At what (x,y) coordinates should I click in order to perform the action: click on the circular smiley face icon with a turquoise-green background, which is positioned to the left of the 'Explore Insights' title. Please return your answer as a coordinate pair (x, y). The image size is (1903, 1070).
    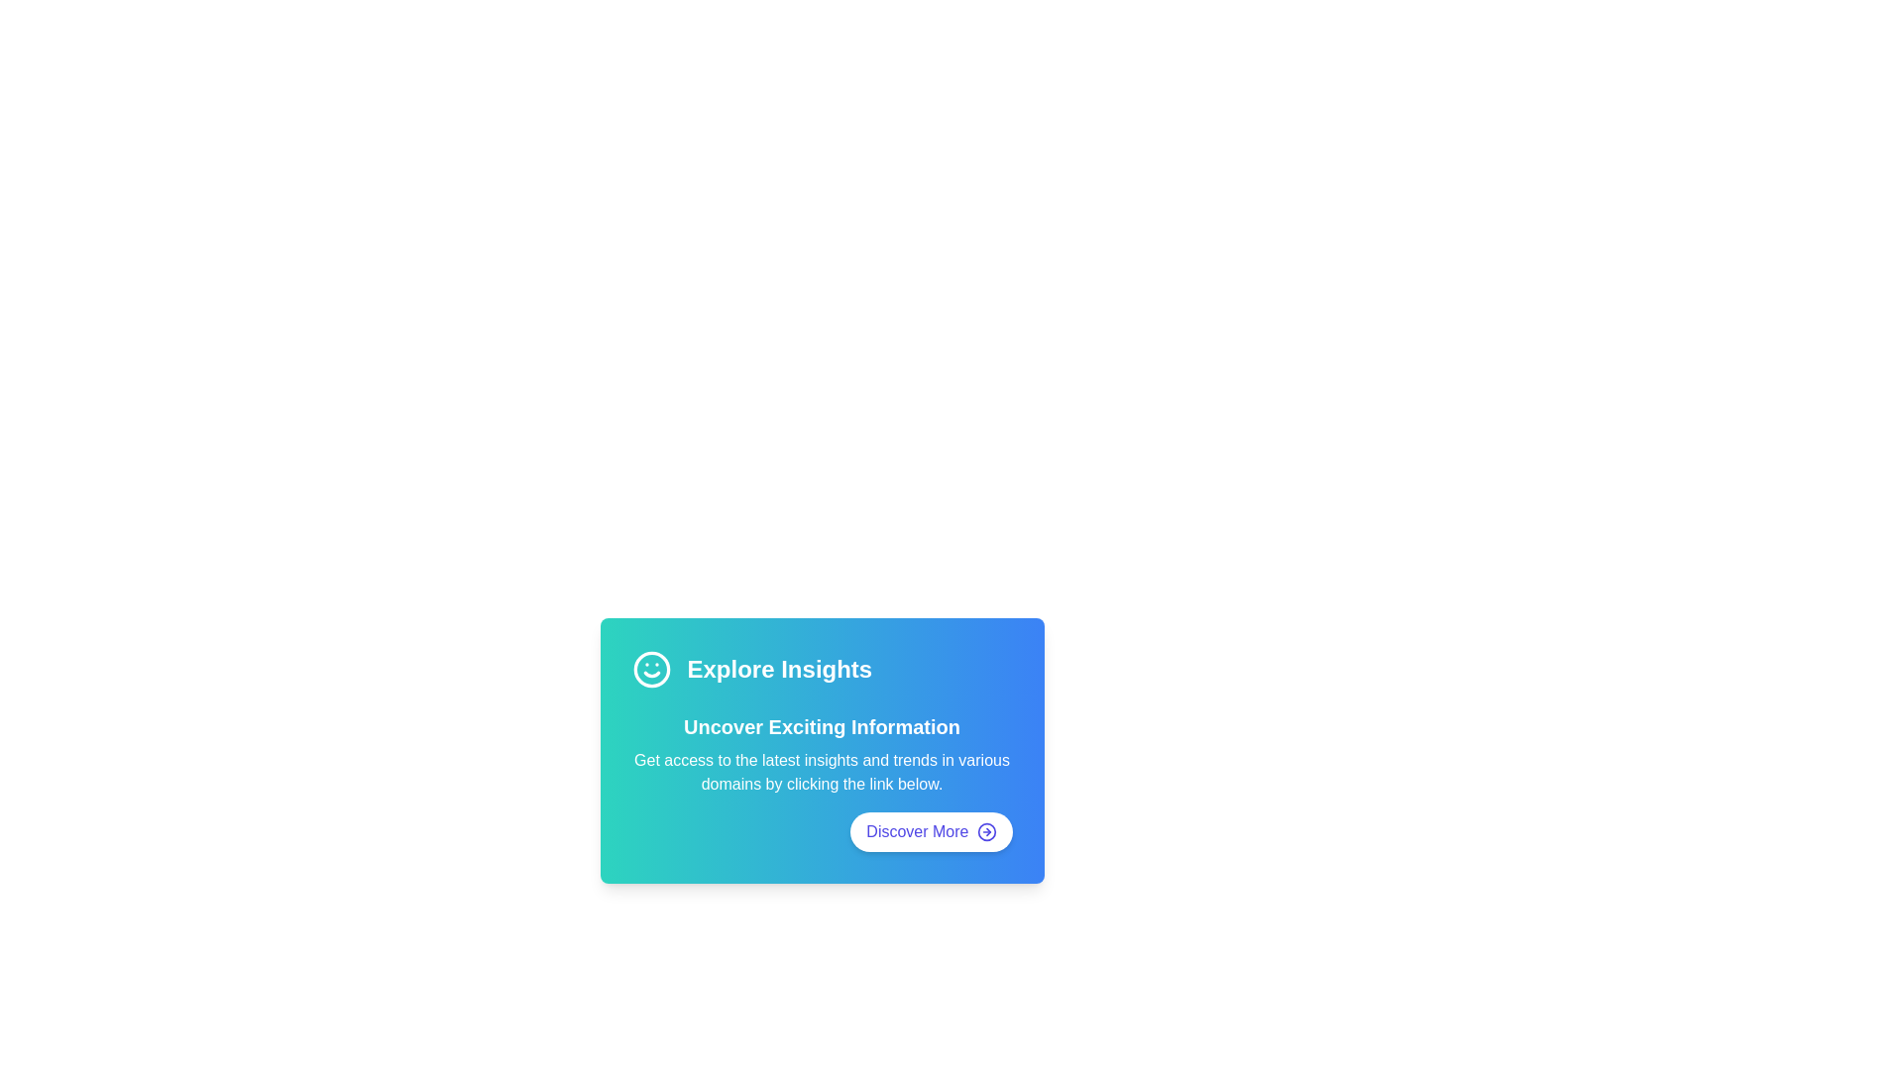
    Looking at the image, I should click on (651, 669).